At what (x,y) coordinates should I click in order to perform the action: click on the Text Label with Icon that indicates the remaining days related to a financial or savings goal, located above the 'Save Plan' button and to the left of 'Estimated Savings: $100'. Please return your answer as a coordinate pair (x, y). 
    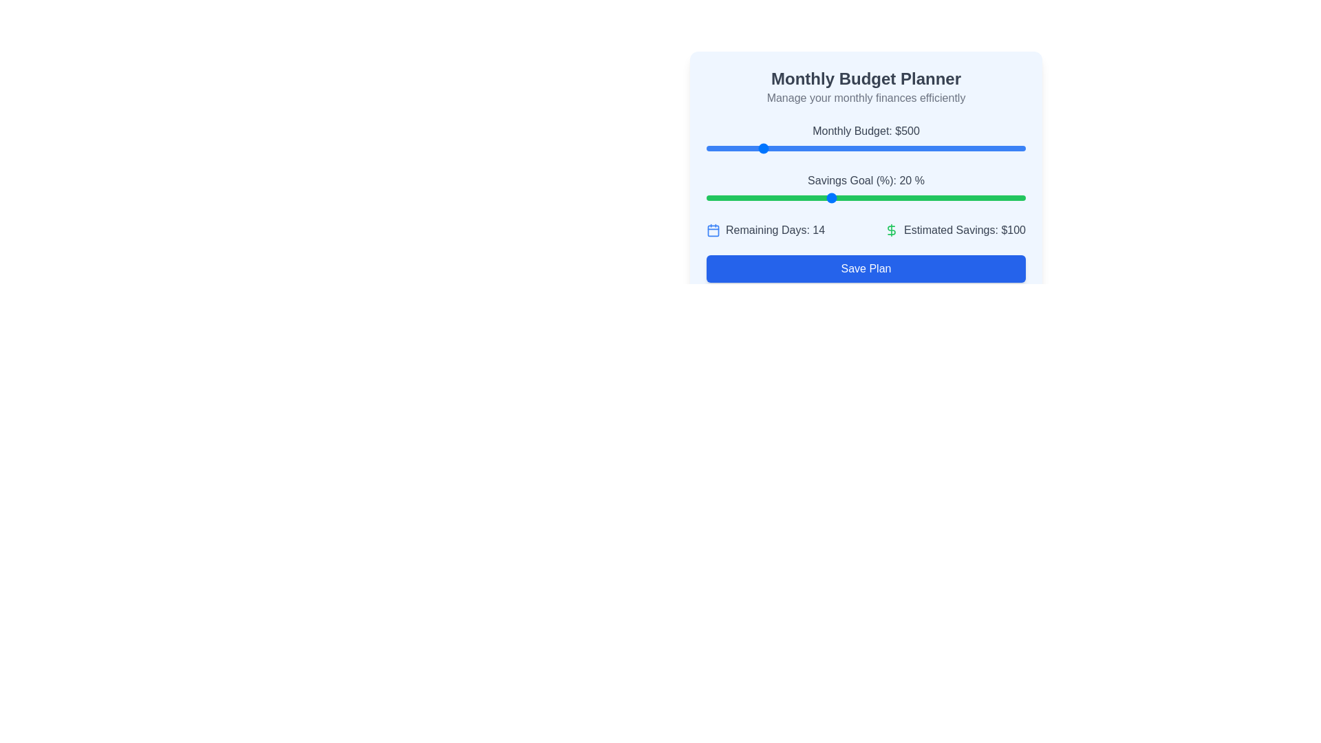
    Looking at the image, I should click on (765, 230).